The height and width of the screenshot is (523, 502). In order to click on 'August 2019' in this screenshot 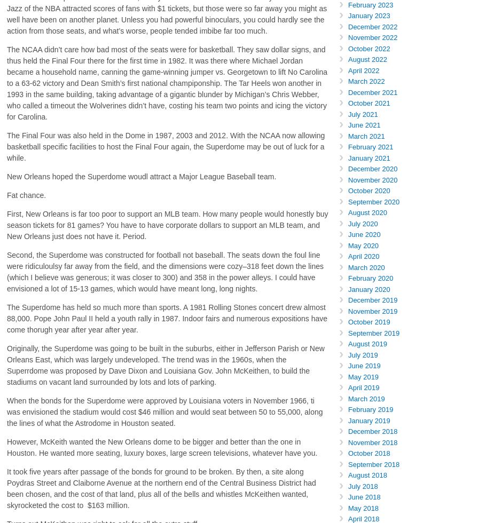, I will do `click(348, 344)`.